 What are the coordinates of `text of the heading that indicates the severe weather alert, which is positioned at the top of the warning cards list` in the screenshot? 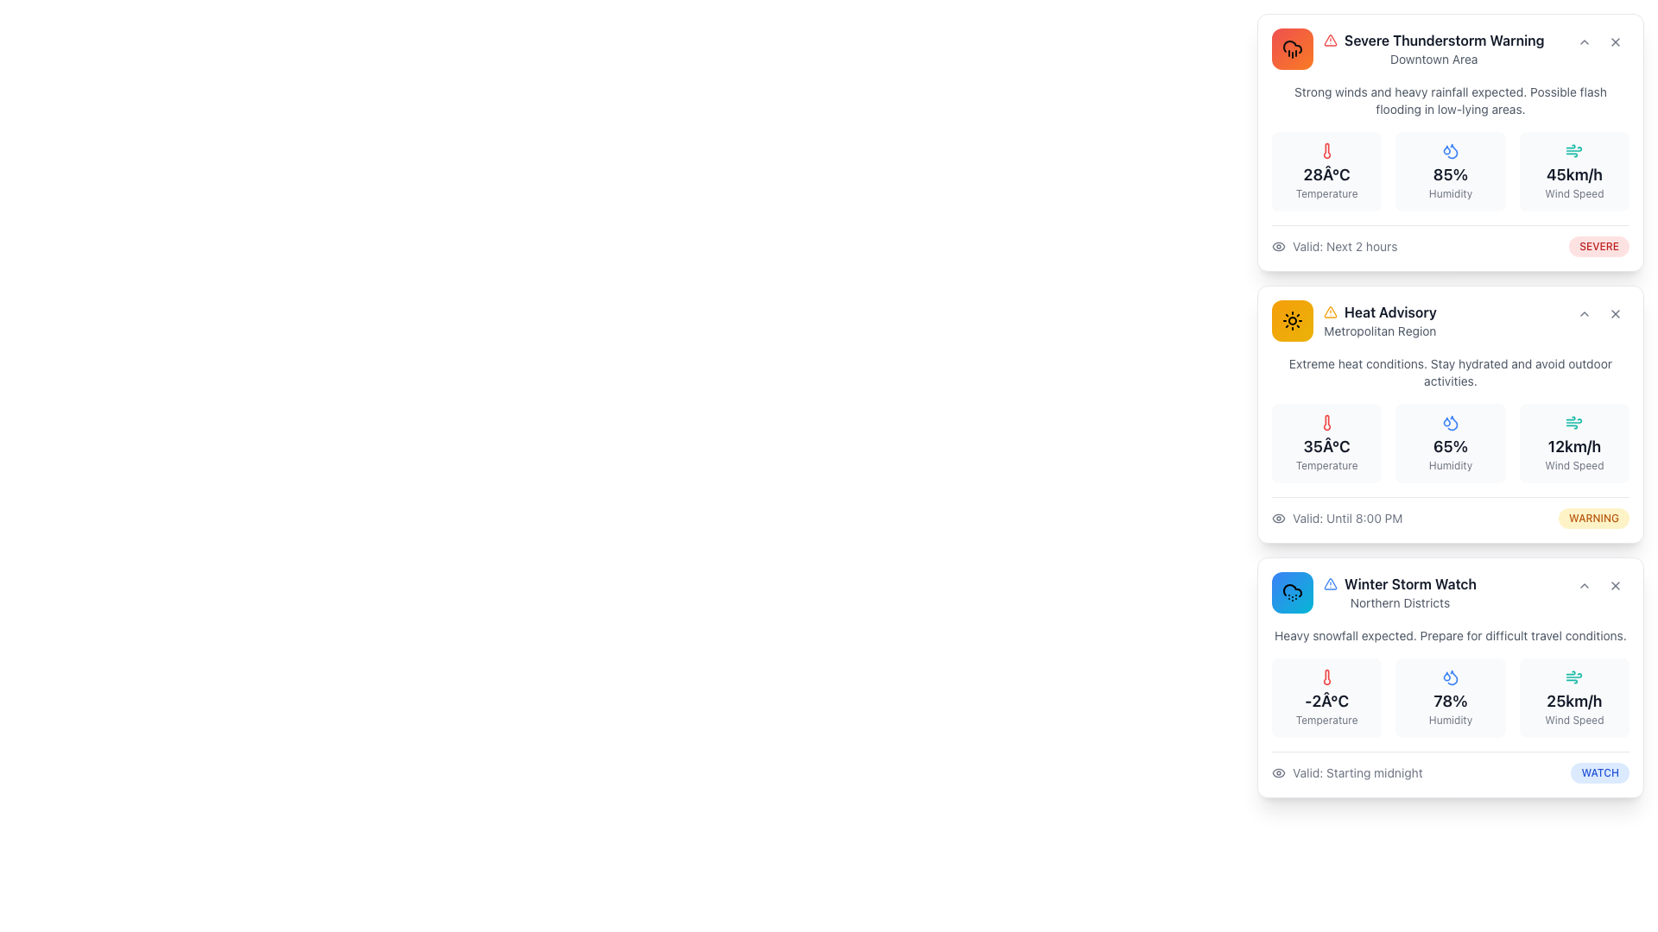 It's located at (1451, 48).